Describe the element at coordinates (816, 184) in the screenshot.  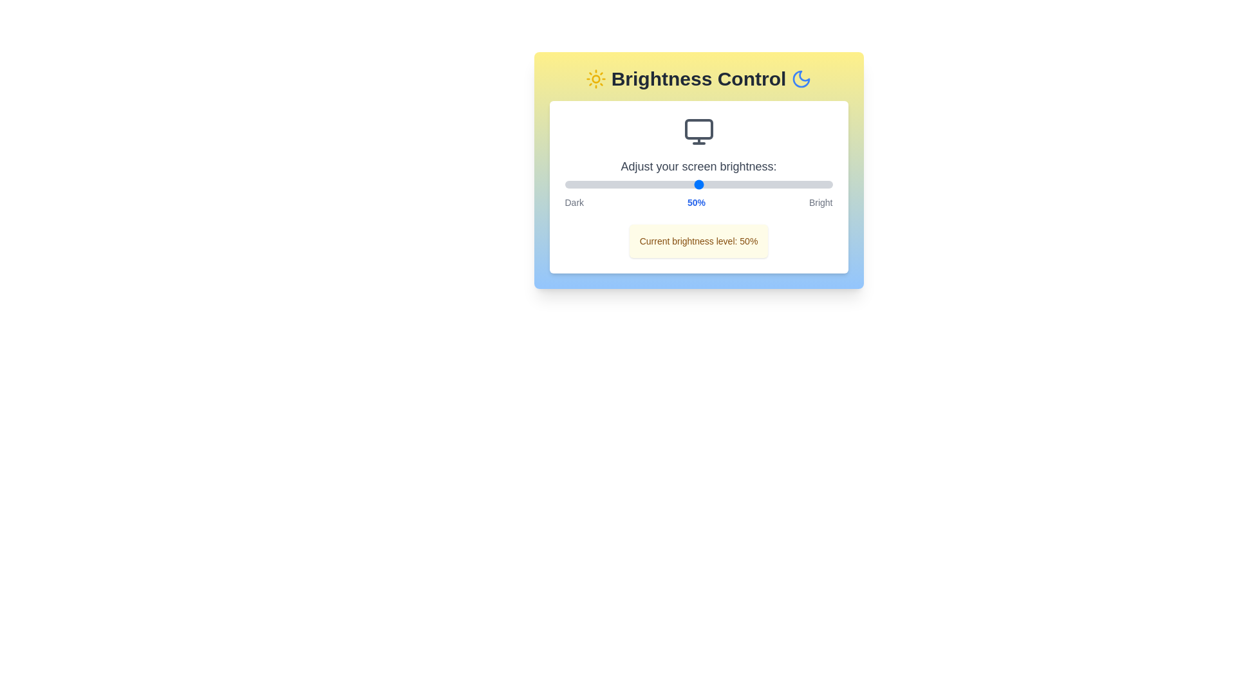
I see `the brightness to 94% by interacting with the slider` at that location.